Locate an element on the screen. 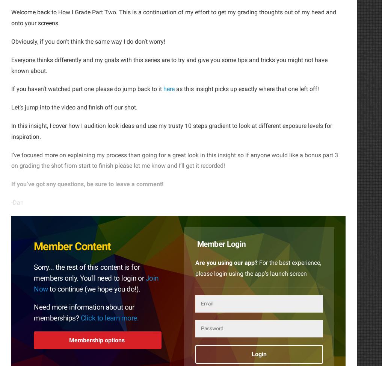 The image size is (382, 366). 'Welcome back to How I Grade Part Two. This is a continuation of my effort to get my grading thoughts out of my head and onto your screens.' is located at coordinates (173, 17).